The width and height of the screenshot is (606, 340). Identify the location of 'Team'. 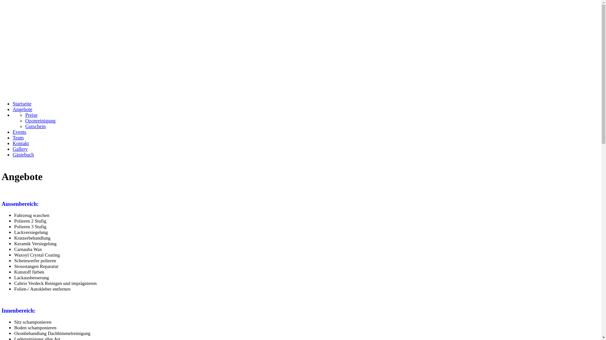
(18, 137).